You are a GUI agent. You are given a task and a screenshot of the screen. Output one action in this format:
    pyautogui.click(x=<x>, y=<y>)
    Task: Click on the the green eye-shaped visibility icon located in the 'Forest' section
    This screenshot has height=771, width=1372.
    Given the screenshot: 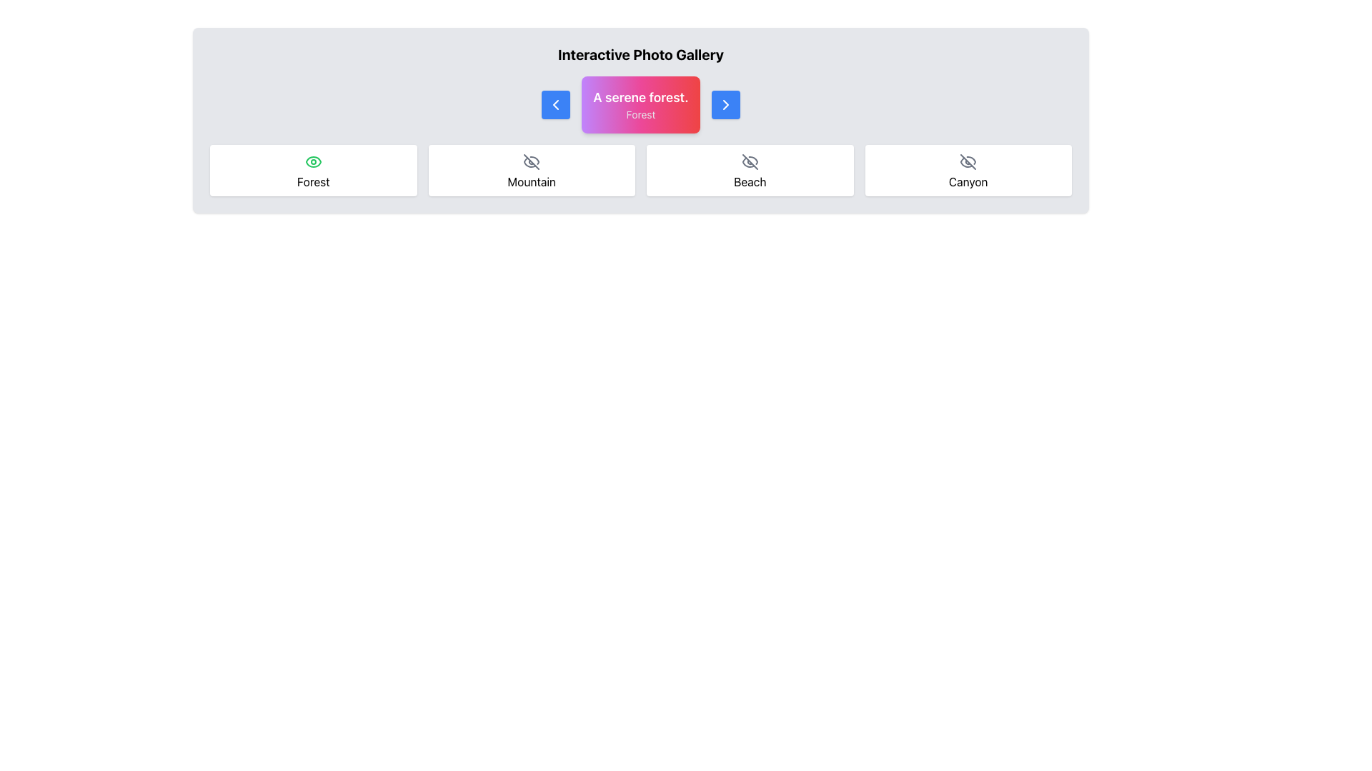 What is the action you would take?
    pyautogui.click(x=312, y=161)
    